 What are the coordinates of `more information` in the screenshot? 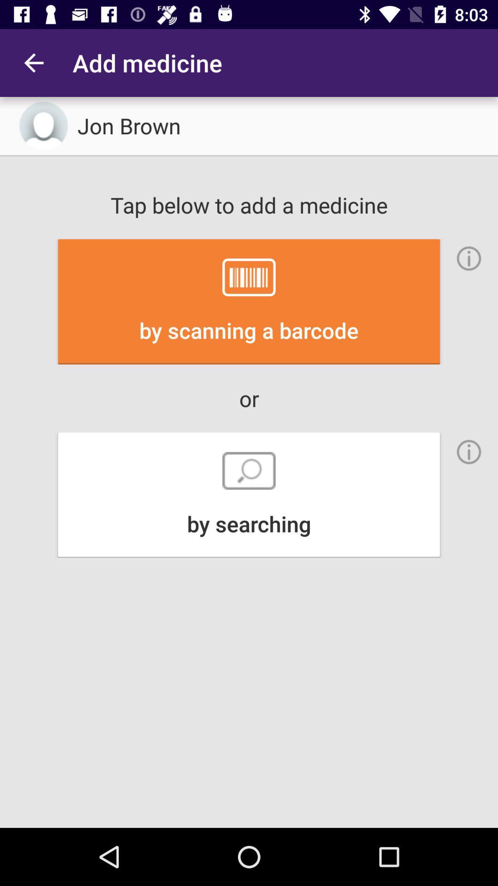 It's located at (469, 258).